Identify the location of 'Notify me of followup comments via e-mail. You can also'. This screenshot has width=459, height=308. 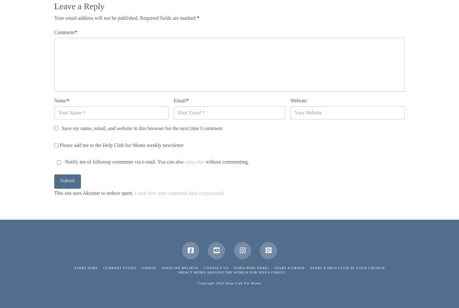
(124, 161).